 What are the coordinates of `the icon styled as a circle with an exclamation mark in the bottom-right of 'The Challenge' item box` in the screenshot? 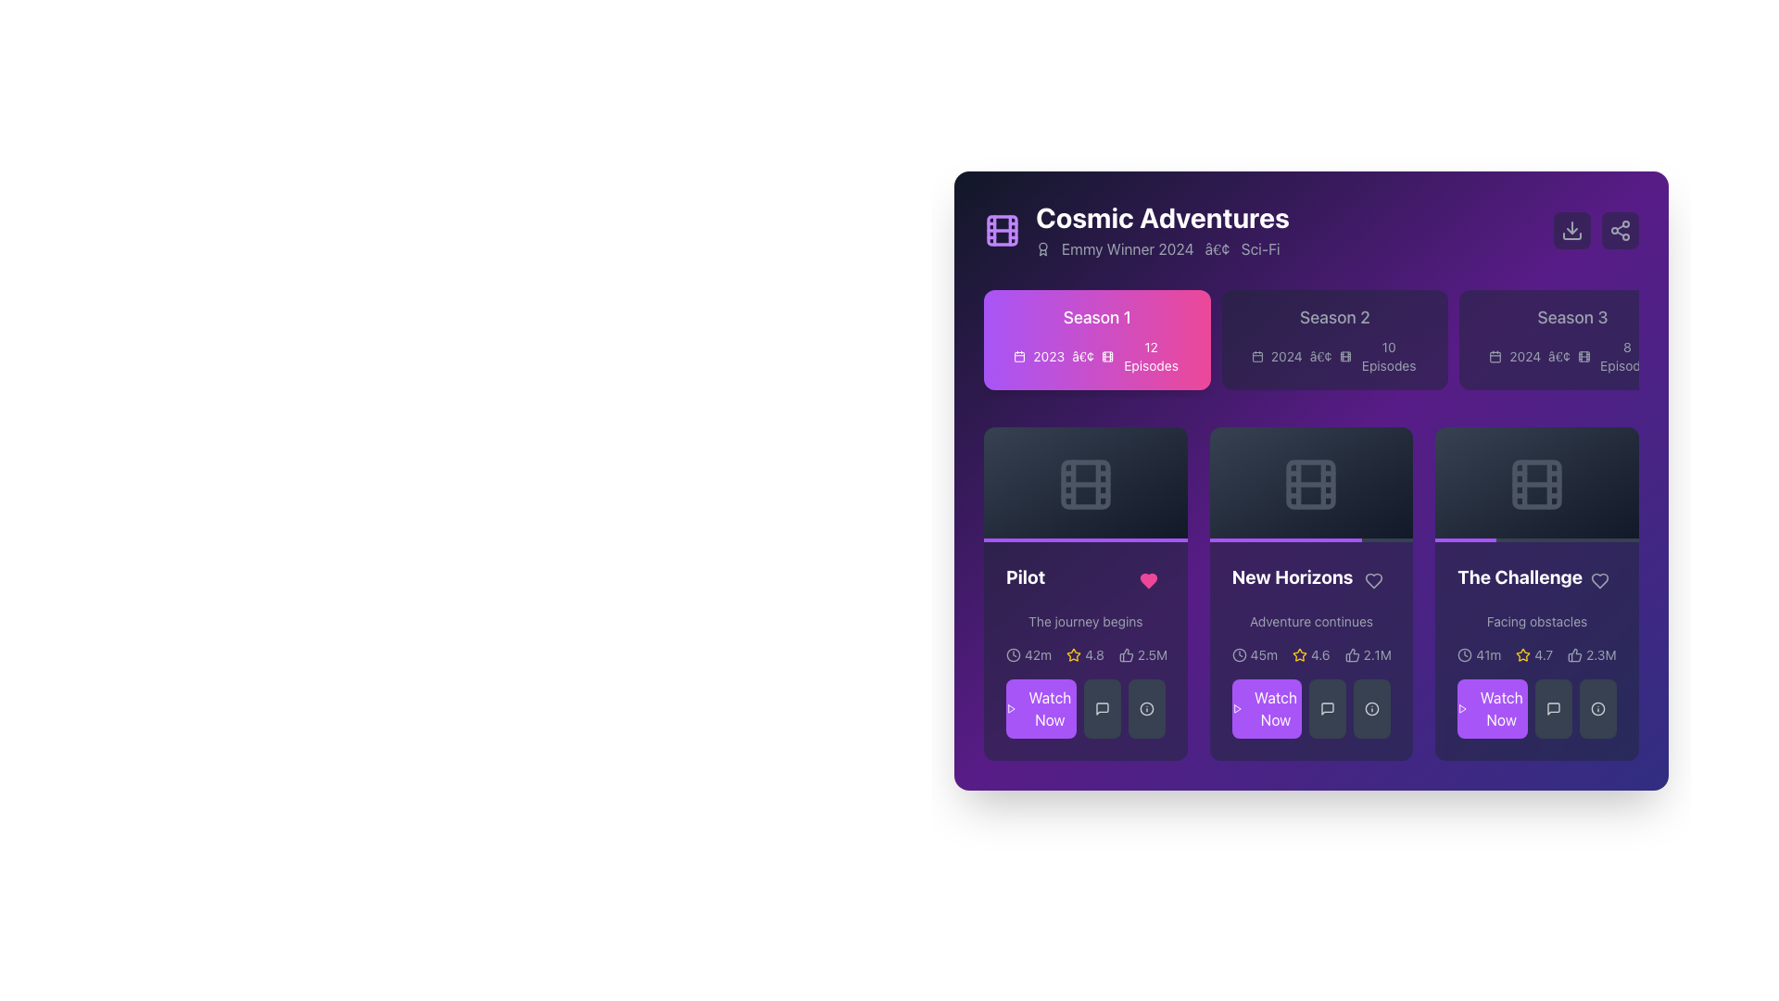 It's located at (1372, 708).